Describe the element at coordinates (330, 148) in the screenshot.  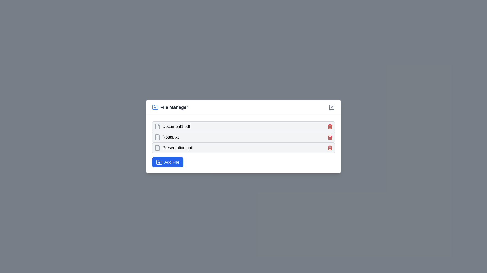
I see `the delete button for the file 'Presentation.ppt' located on the far right side of its row` at that location.